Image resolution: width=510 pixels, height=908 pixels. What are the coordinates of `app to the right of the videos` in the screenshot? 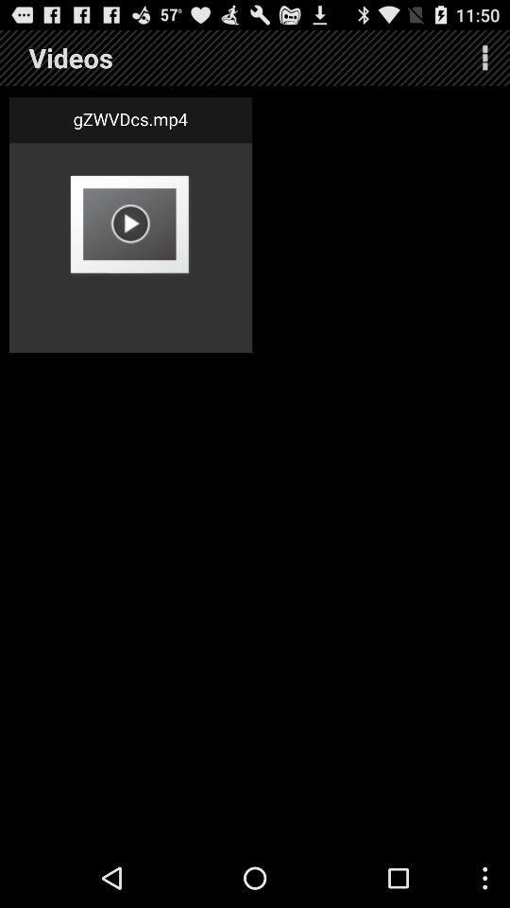 It's located at (484, 58).